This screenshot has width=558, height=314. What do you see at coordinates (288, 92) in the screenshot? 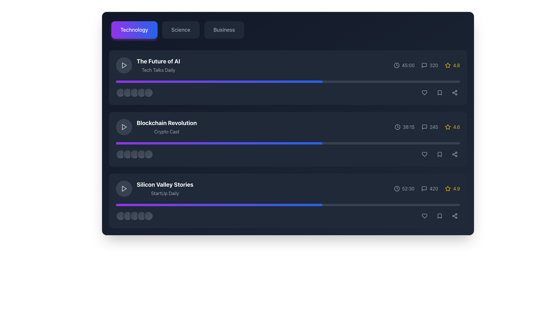
I see `the circles on the left end of the interactive horizontal bar` at bounding box center [288, 92].